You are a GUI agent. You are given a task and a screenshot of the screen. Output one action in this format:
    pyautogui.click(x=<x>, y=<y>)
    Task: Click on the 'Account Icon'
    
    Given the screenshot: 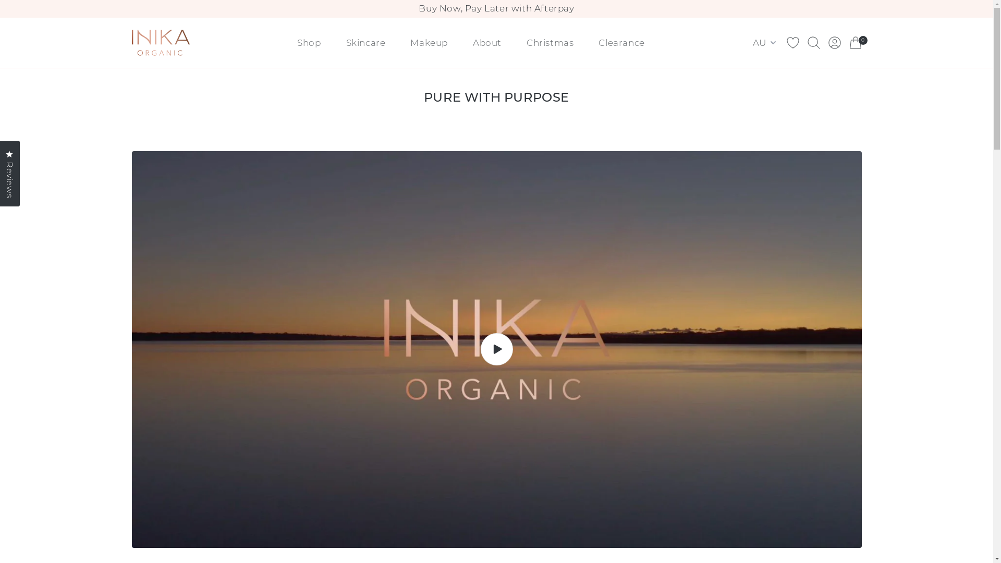 What is the action you would take?
    pyautogui.click(x=833, y=42)
    